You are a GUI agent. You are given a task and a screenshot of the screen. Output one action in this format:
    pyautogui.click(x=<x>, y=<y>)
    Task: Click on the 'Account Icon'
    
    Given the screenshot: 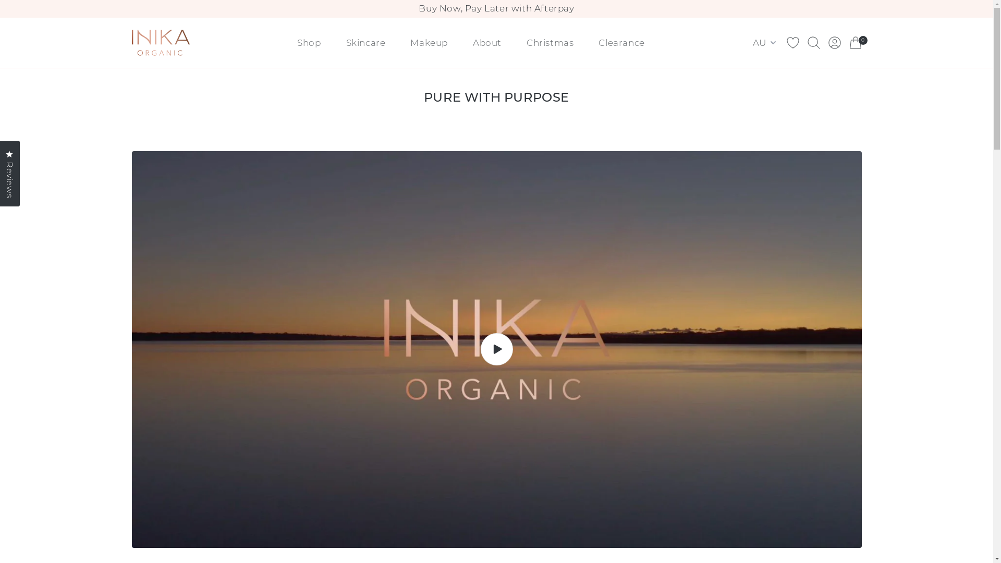 What is the action you would take?
    pyautogui.click(x=833, y=42)
    